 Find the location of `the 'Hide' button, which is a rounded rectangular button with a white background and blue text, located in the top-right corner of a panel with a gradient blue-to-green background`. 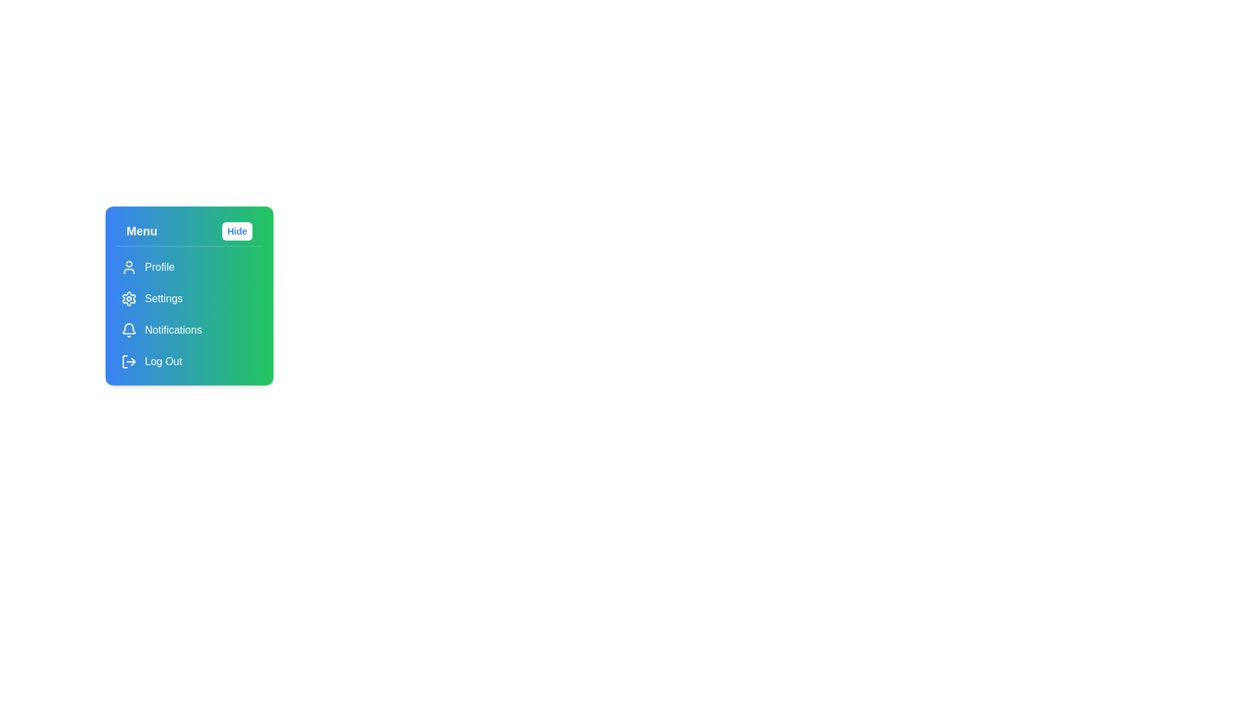

the 'Hide' button, which is a rounded rectangular button with a white background and blue text, located in the top-right corner of a panel with a gradient blue-to-green background is located at coordinates (237, 231).